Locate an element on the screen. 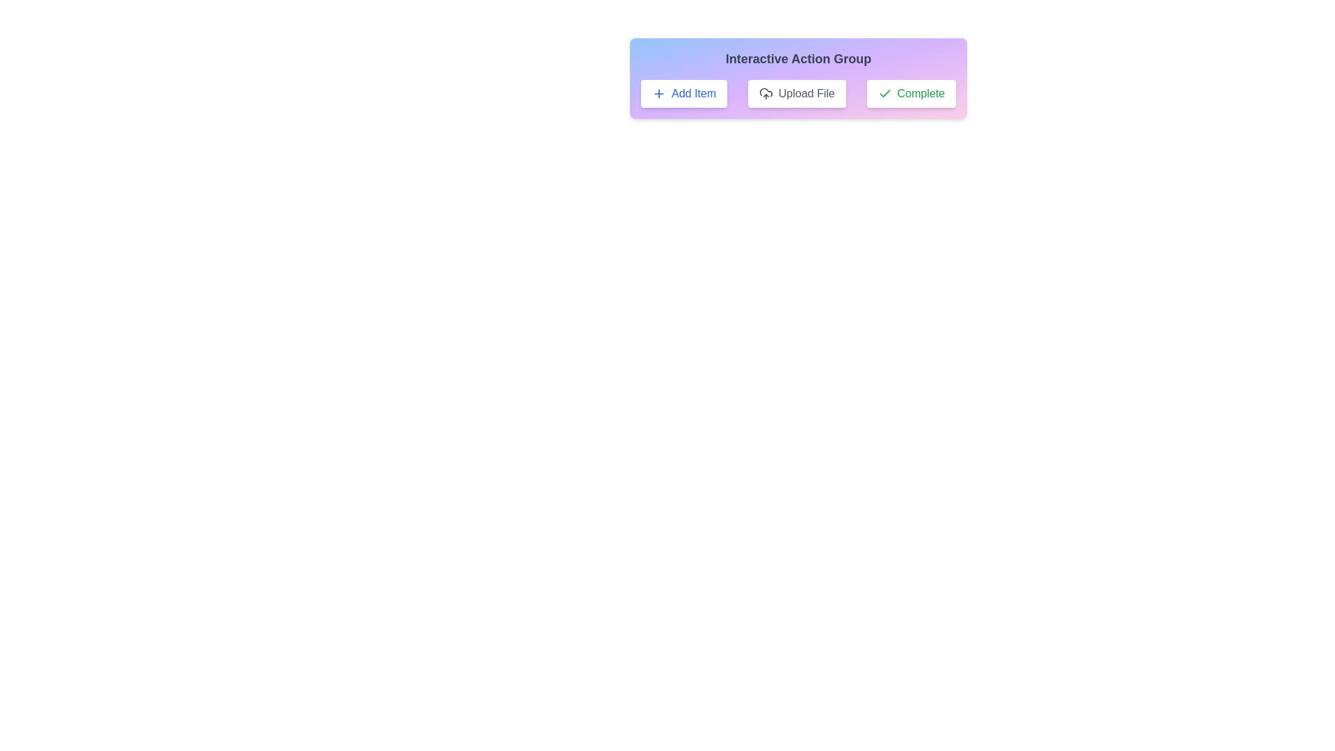 The image size is (1335, 751). the 'Upload File' button is located at coordinates (797, 94).